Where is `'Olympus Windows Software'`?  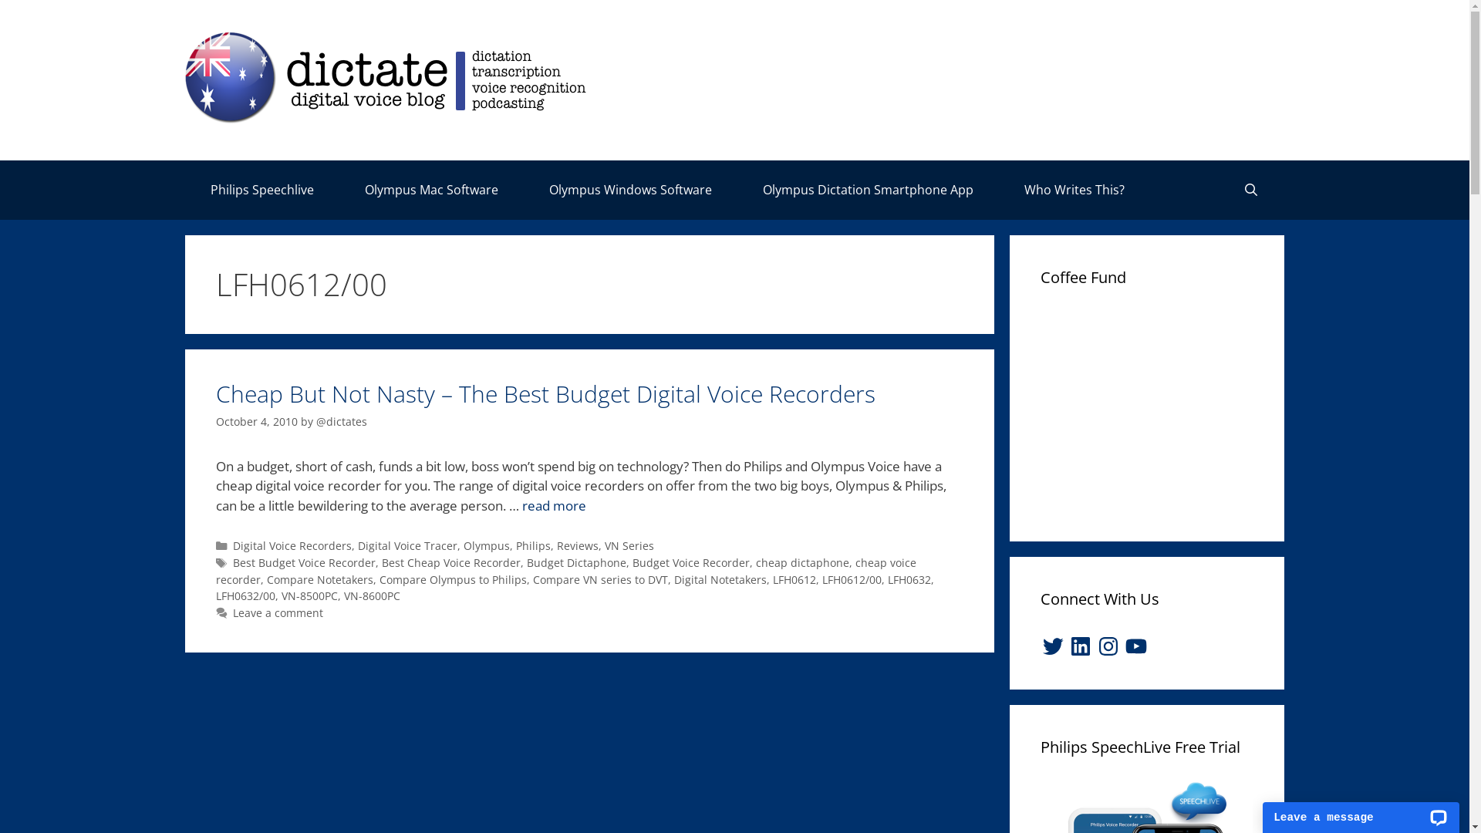
'Olympus Windows Software' is located at coordinates (630, 189).